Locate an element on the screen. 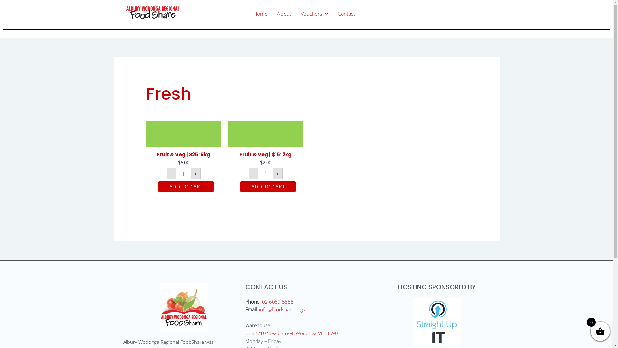 The image size is (618, 348). 'Vouchers' is located at coordinates (314, 14).